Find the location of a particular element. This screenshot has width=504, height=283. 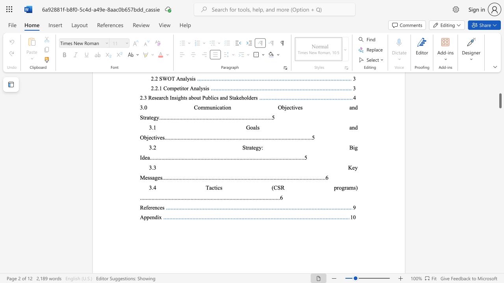

the 13th character "." in the text is located at coordinates (157, 197).